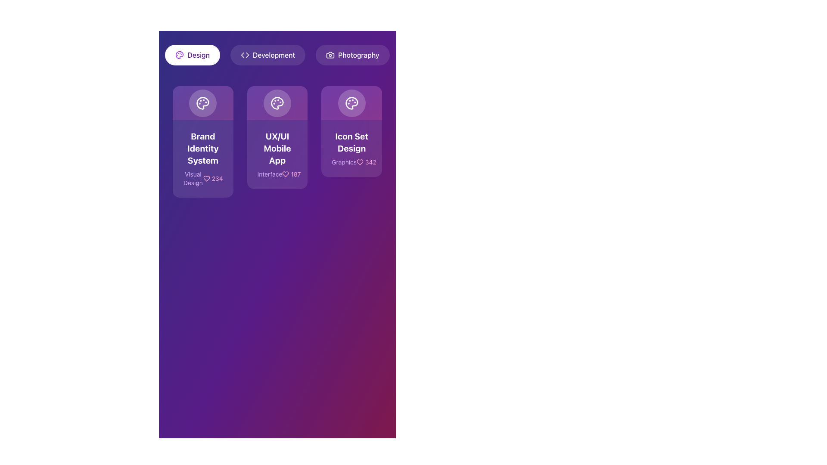  What do you see at coordinates (277, 141) in the screenshot?
I see `the second card in the grid that represents 'UX/UI Mobile App'` at bounding box center [277, 141].